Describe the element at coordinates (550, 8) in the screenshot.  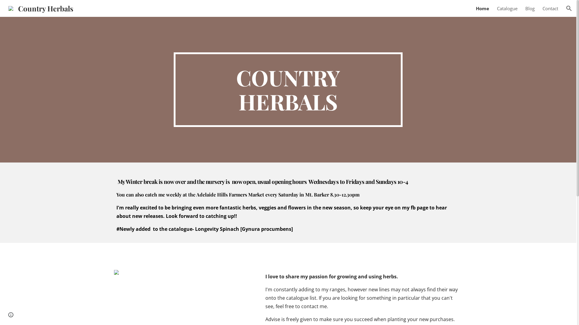
I see `'Contact'` at that location.